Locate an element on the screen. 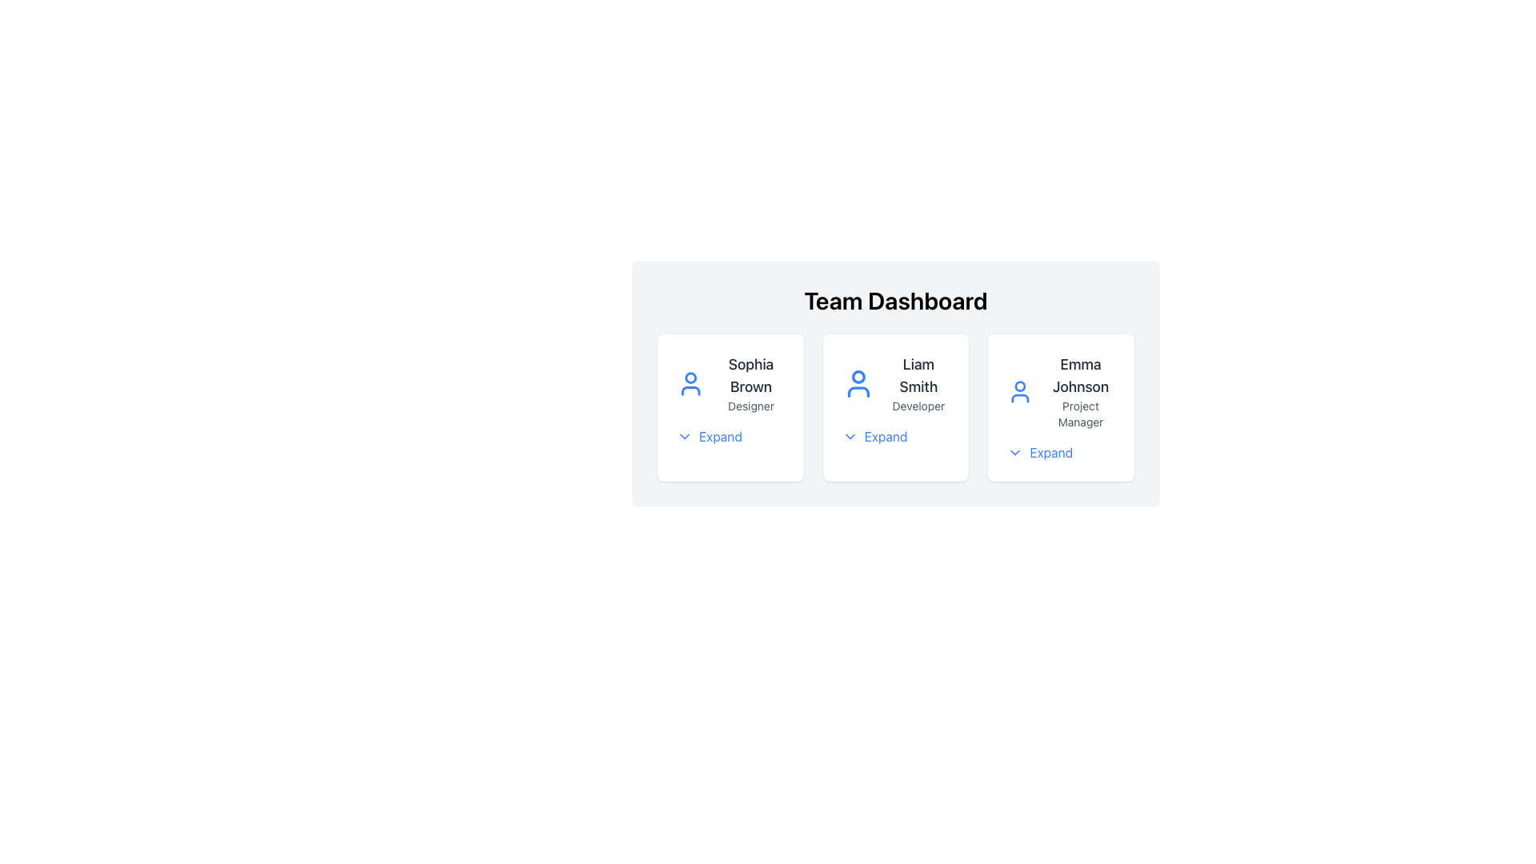  the third card in the grid displaying information about user Emma Johnson is located at coordinates (1061, 406).